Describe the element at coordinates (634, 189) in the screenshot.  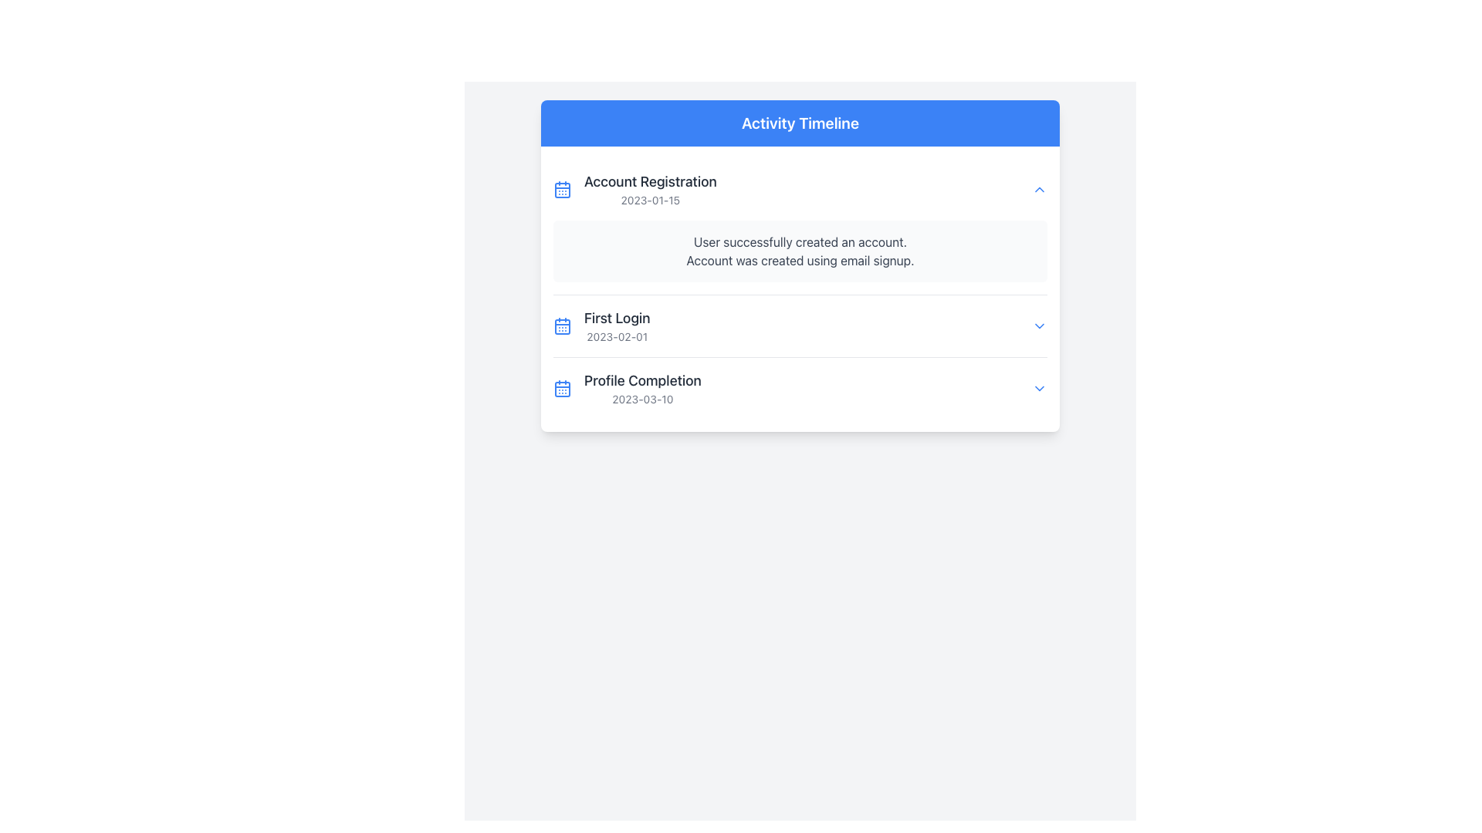
I see `the 'Account Registration' informational display element located within the 'Activity Timeline' panel, which features a blue calendar icon on the left and displays the date '2023-01-15' underneath the title` at that location.